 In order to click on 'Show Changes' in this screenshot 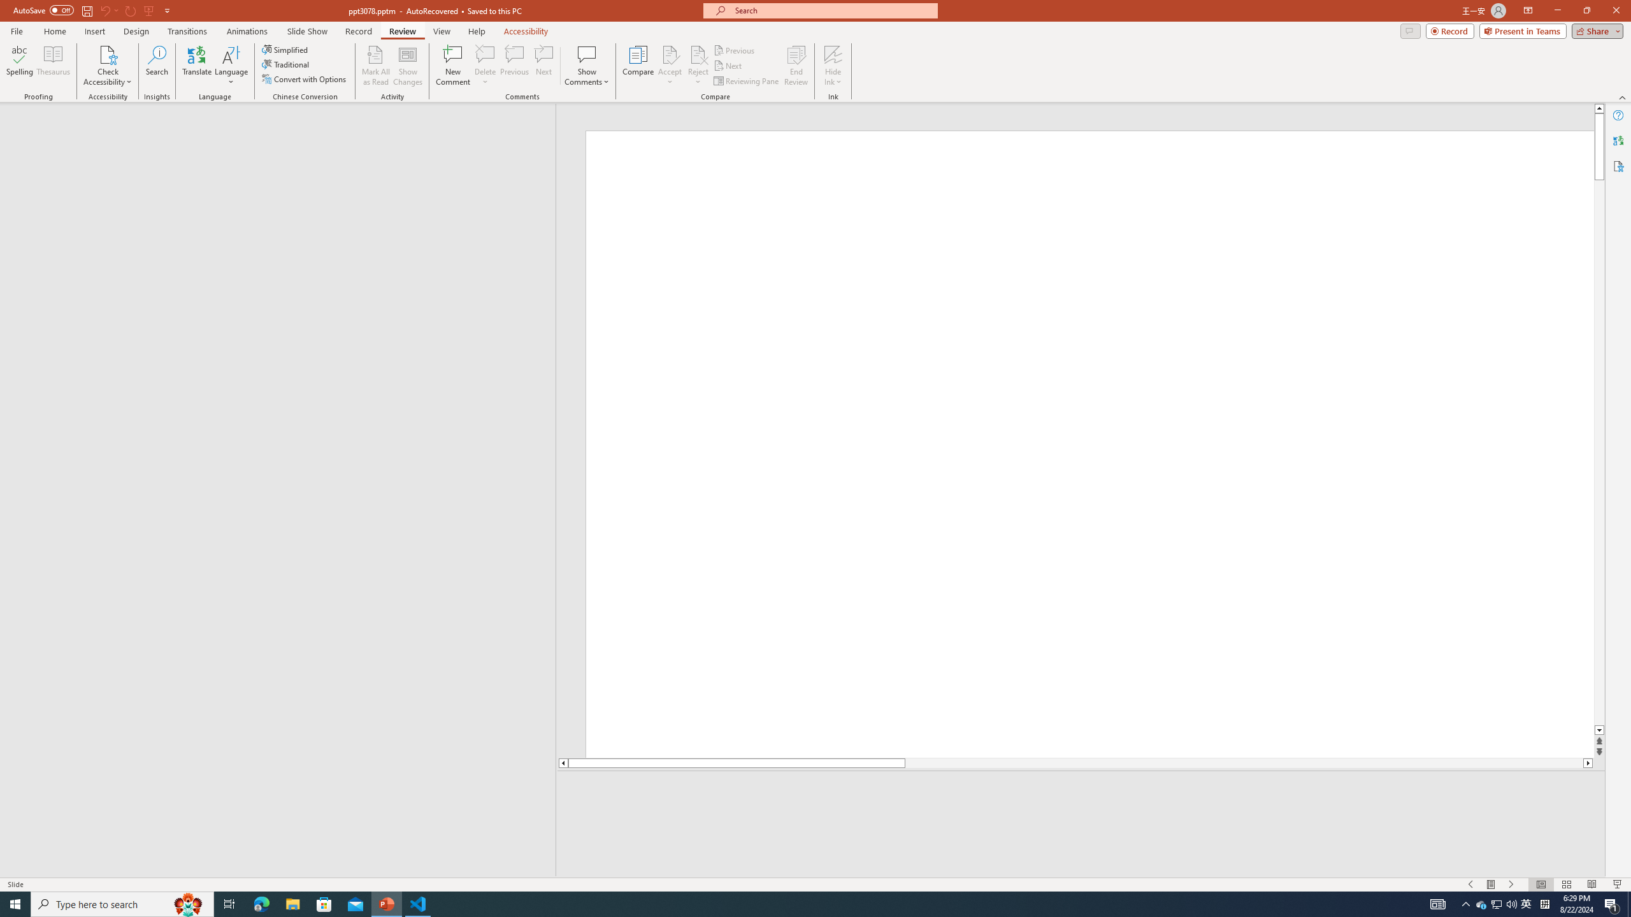, I will do `click(408, 66)`.